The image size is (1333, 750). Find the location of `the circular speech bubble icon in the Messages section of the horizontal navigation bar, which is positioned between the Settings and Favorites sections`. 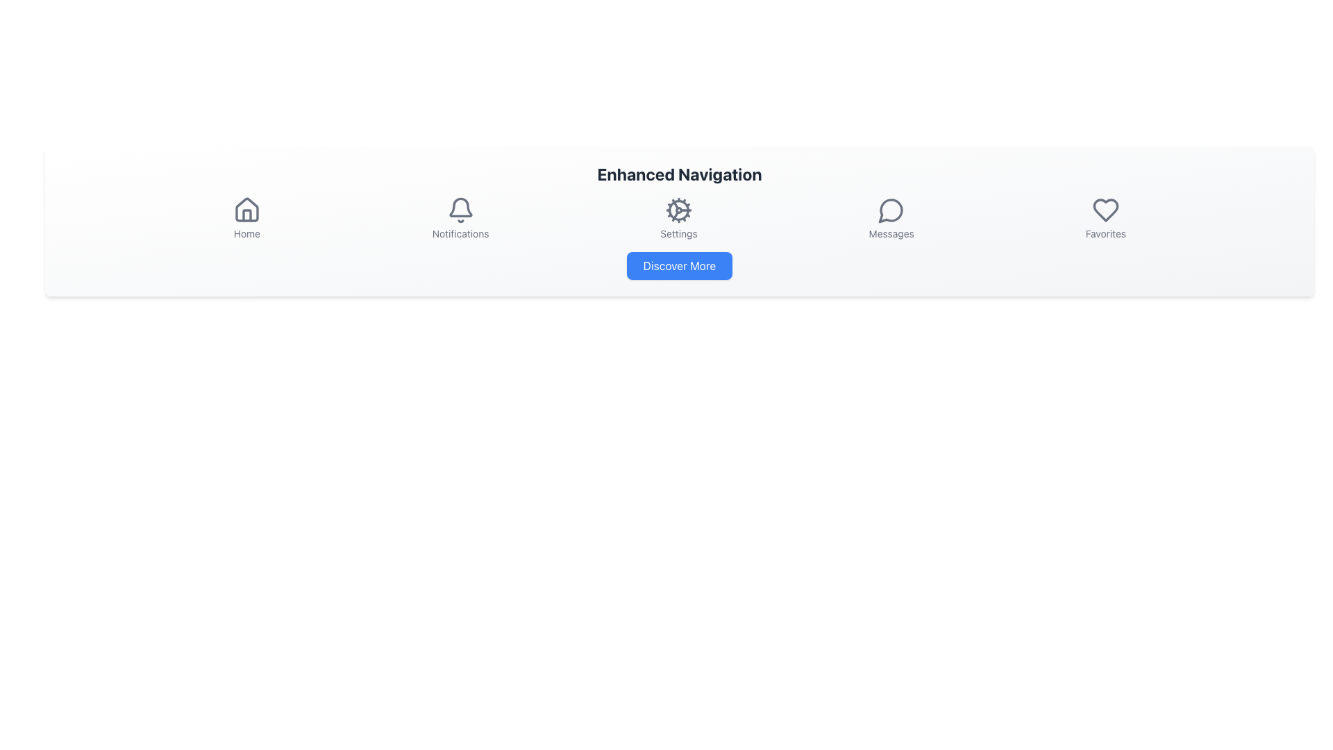

the circular speech bubble icon in the Messages section of the horizontal navigation bar, which is positioned between the Settings and Favorites sections is located at coordinates (891, 210).